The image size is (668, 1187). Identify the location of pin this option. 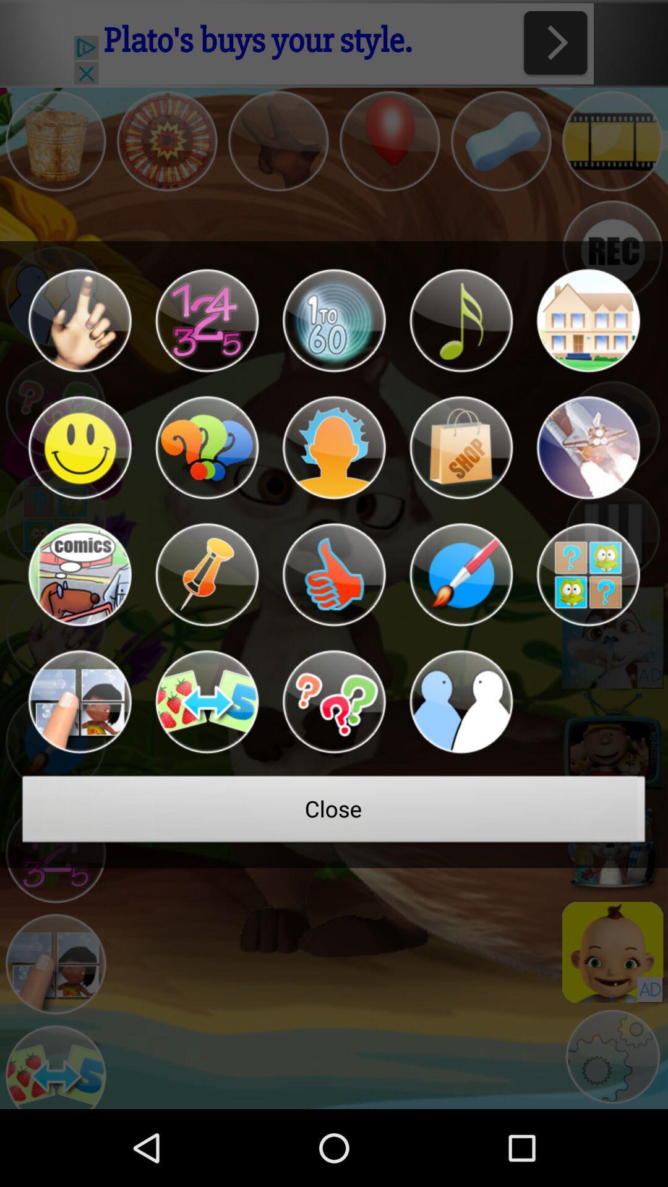
(206, 574).